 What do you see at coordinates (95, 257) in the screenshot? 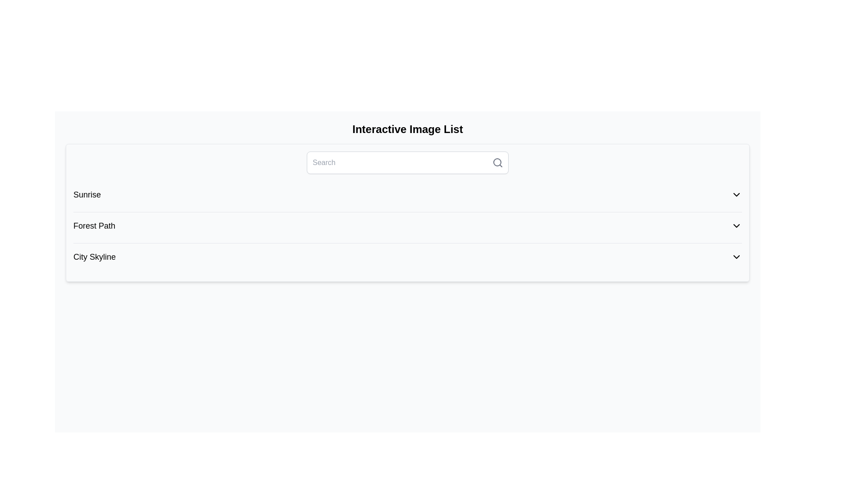
I see `text label for the item 'City Skyline' located in the third position of the vertically stacked list` at bounding box center [95, 257].